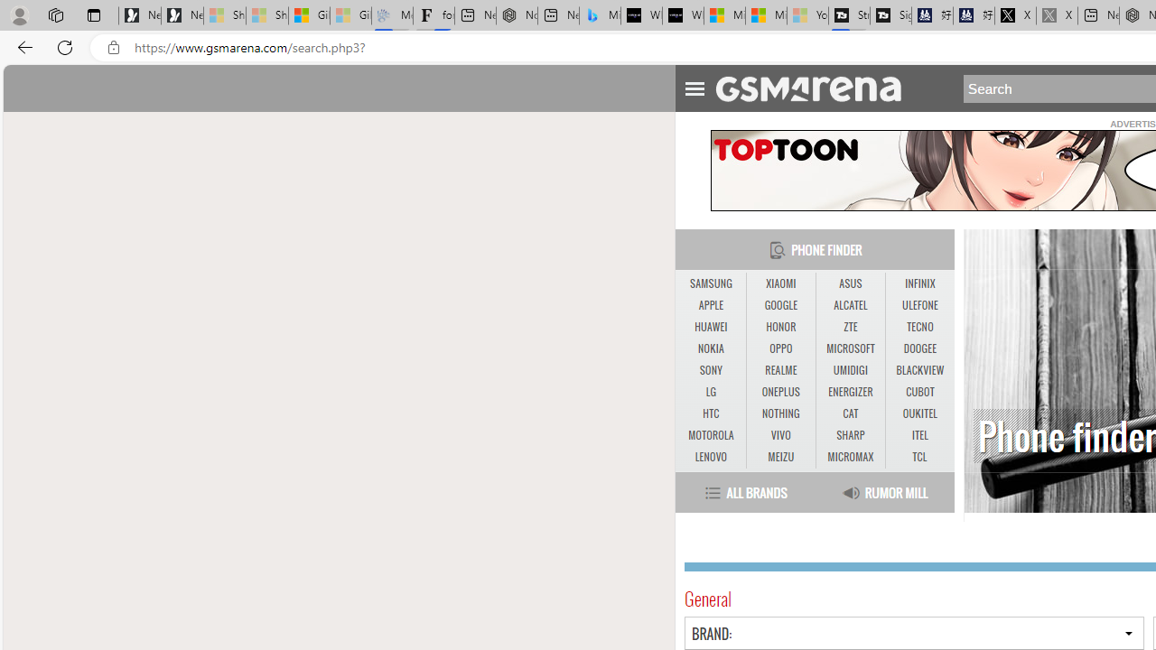  I want to click on 'VIVO', so click(780, 435).